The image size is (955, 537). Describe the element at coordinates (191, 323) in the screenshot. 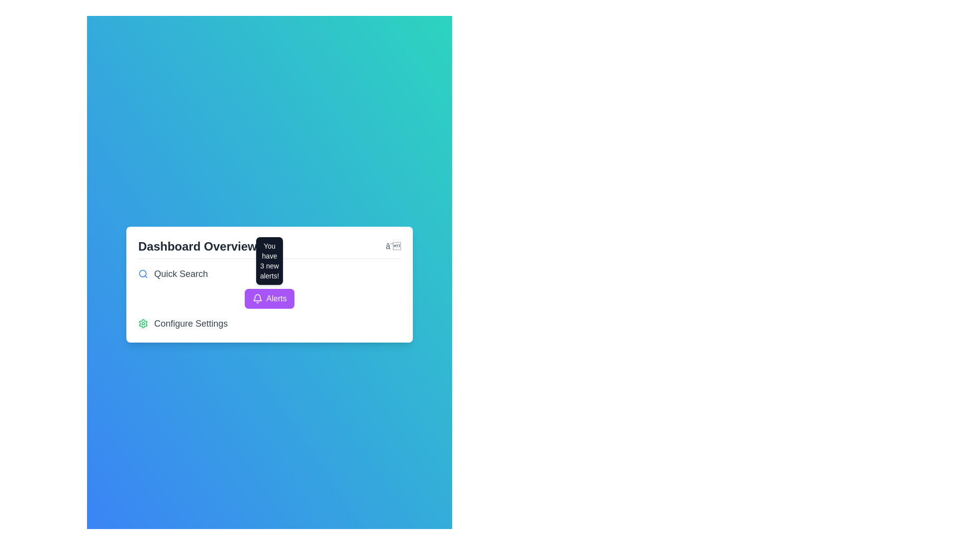

I see `the text label that provides context for the settings functionality, located in the lower-left portion of the card interface, right-aligned with the adjacent green settings icon` at that location.